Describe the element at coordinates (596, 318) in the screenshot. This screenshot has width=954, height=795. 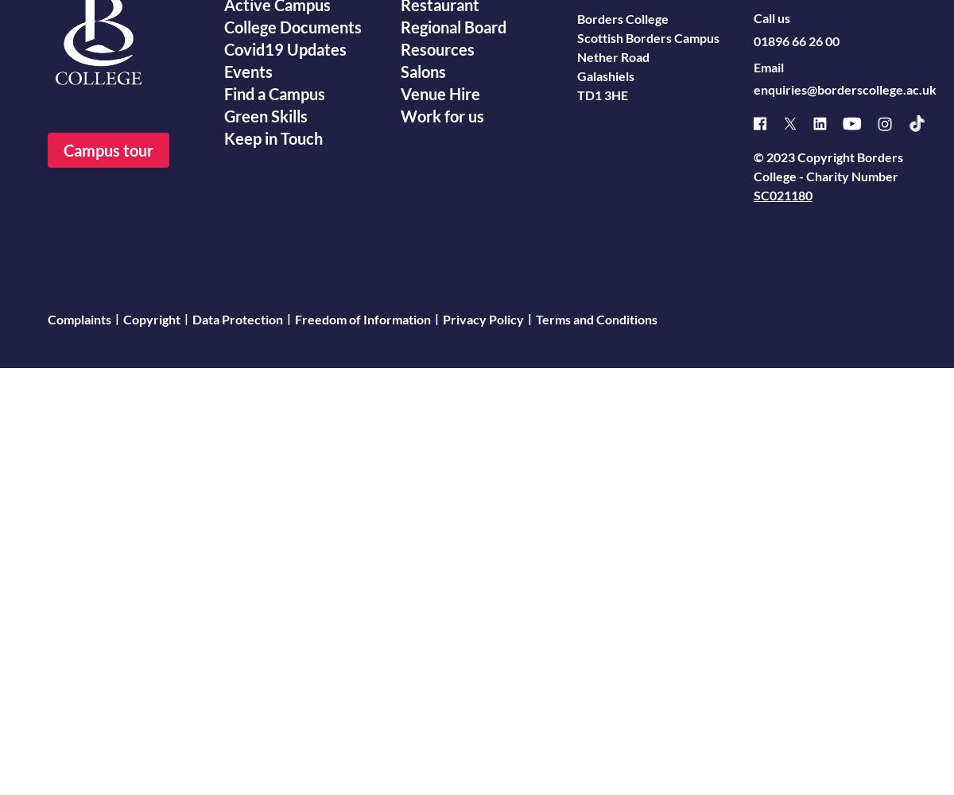
I see `'Terms and Conditions'` at that location.